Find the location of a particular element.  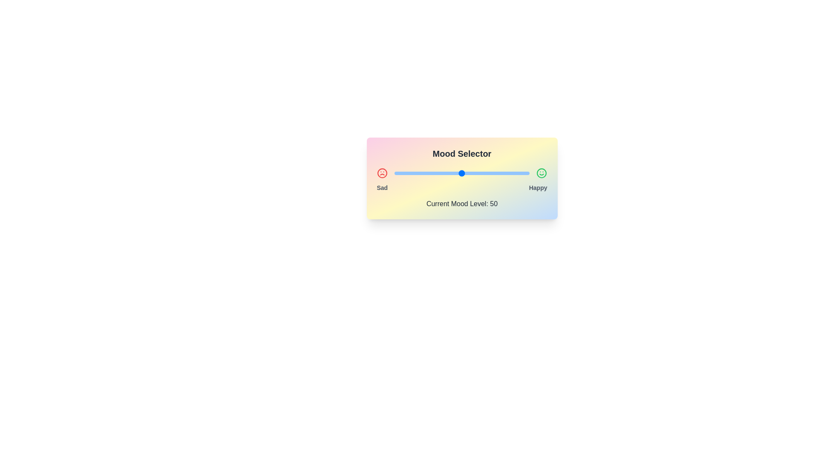

the mood level to 90 by interacting with the slider is located at coordinates (516, 173).